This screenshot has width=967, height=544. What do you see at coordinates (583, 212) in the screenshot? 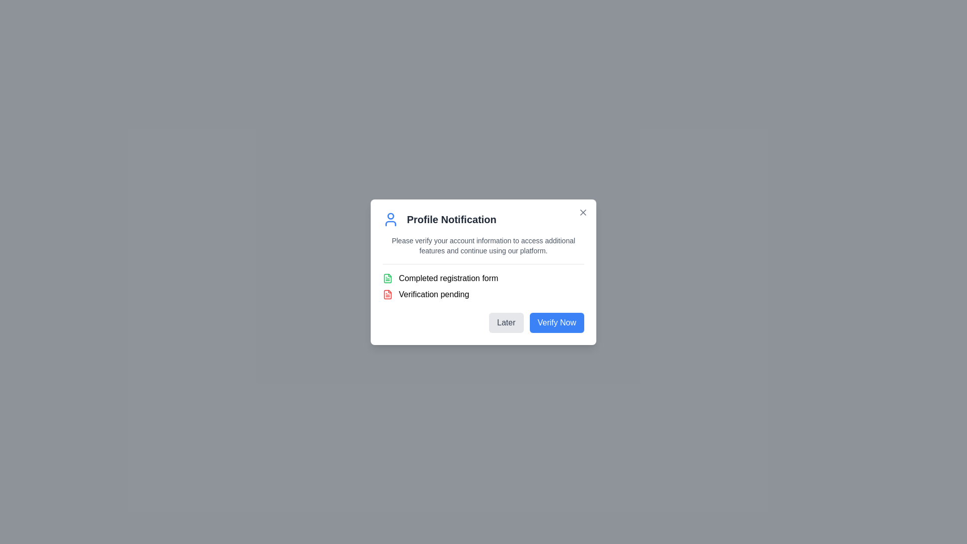
I see `the icon button located at the top-right corner of the modal window` at bounding box center [583, 212].